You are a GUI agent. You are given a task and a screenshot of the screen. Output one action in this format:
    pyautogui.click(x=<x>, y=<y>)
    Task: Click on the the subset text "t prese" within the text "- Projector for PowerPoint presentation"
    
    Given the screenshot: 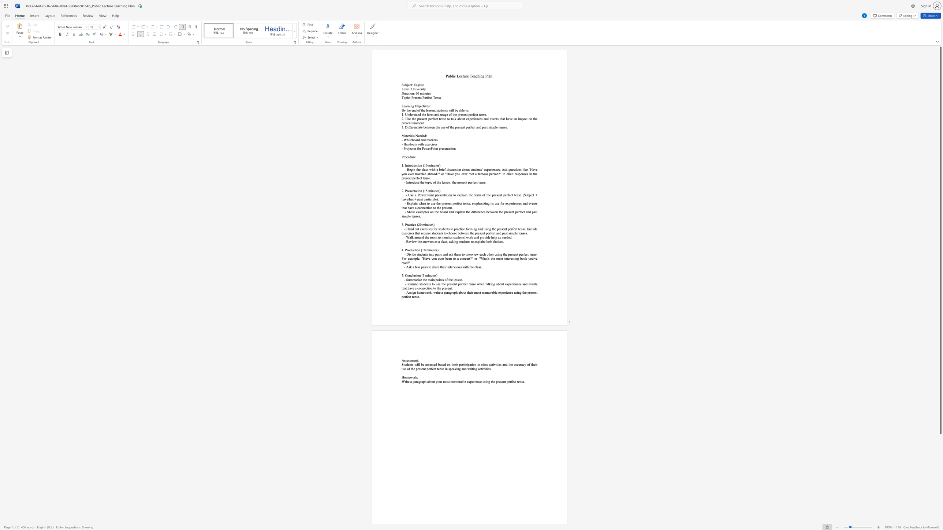 What is the action you would take?
    pyautogui.click(x=437, y=149)
    